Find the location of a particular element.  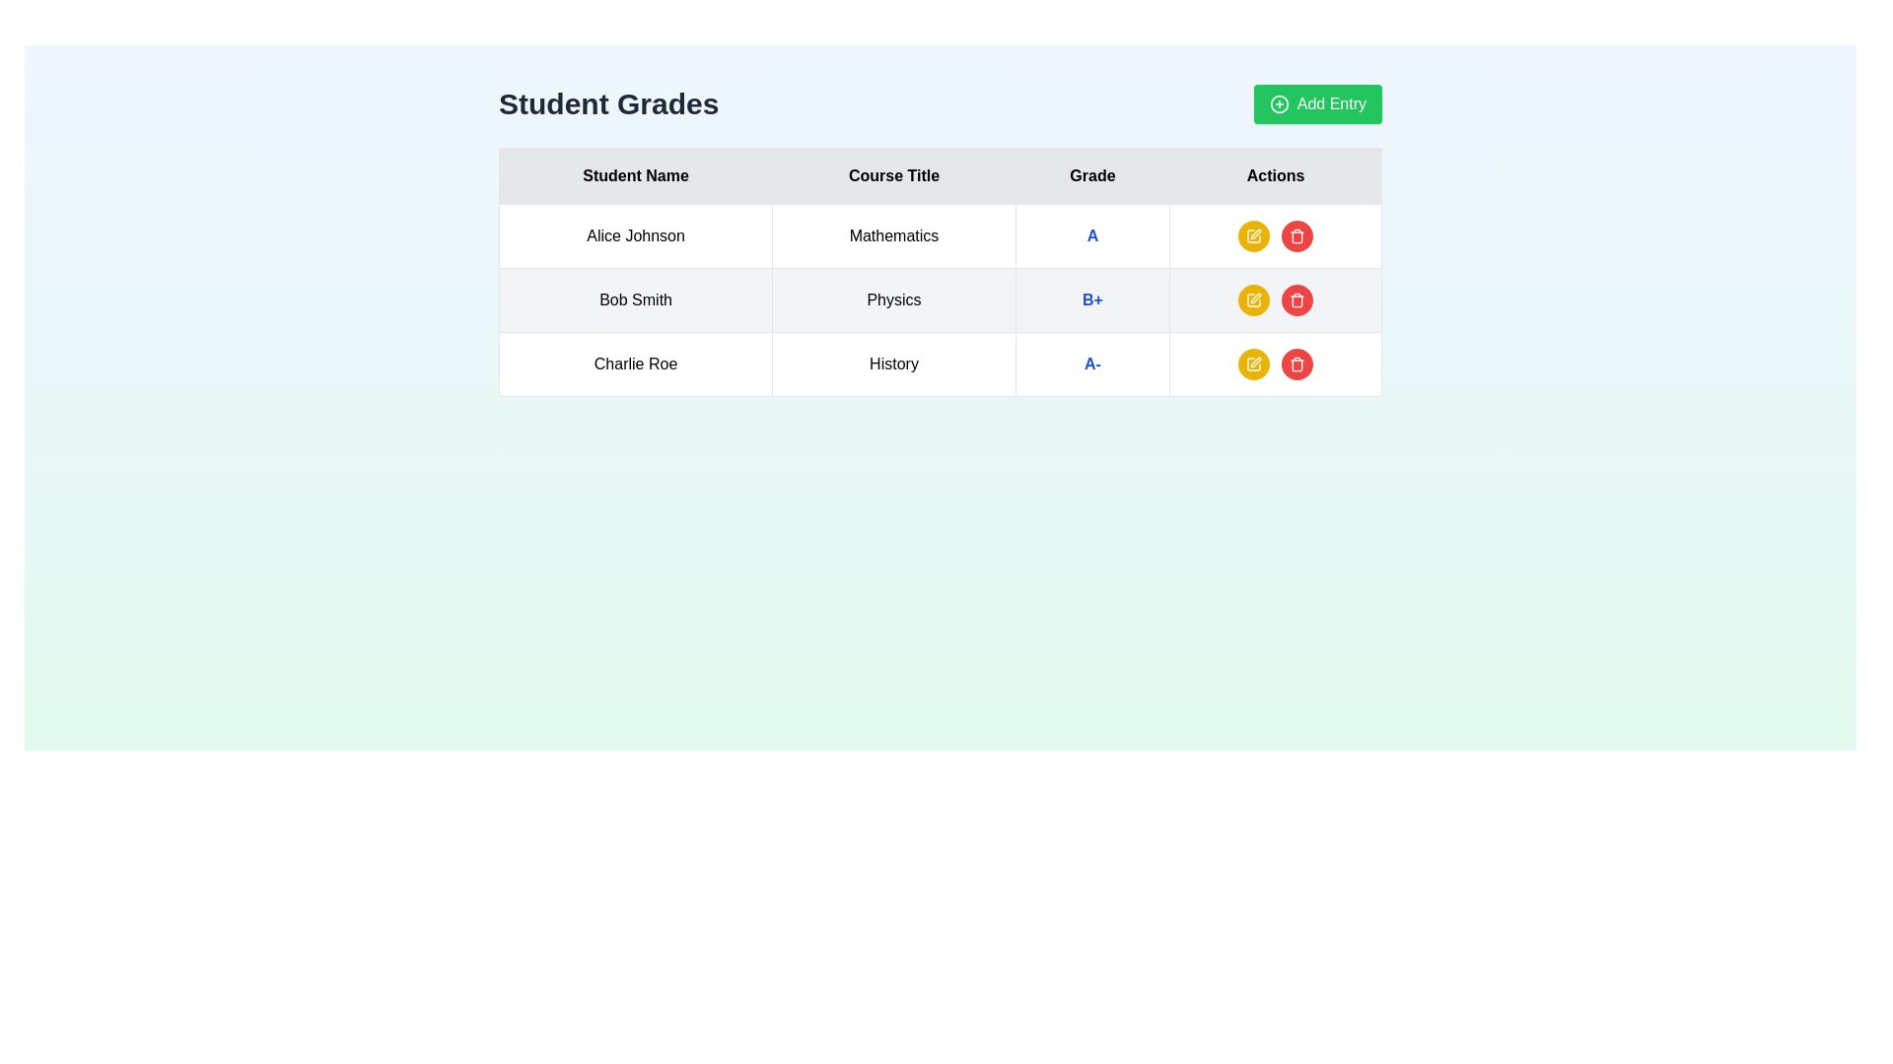

the edit button located to the right of the 'History' grade row in the 'Actions' column is located at coordinates (1253, 365).